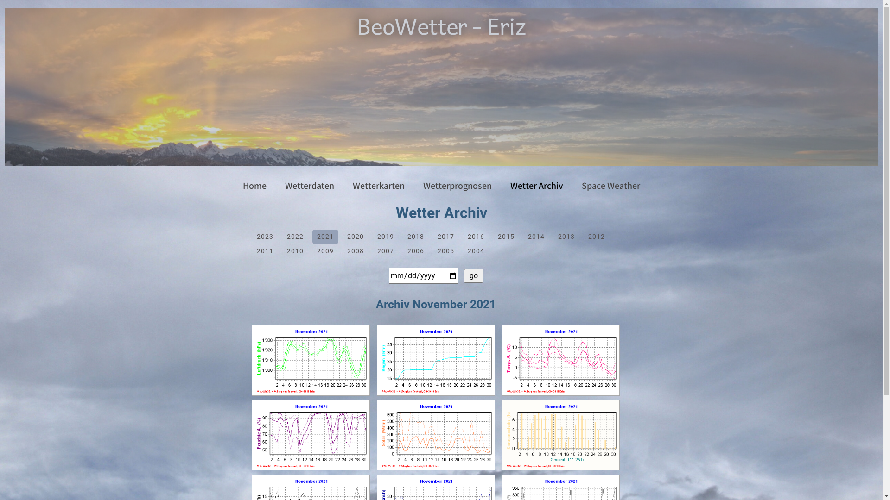  What do you see at coordinates (583, 236) in the screenshot?
I see `'2012'` at bounding box center [583, 236].